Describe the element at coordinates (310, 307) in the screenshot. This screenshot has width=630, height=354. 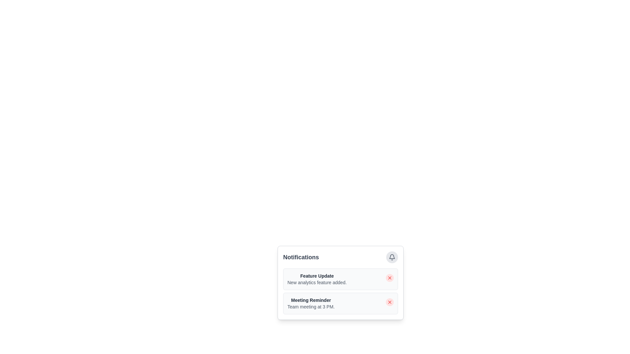
I see `the text label that provides additional information related to the 'Meeting Reminder' notification, located directly below the bold text 'Meeting Reminder'` at that location.